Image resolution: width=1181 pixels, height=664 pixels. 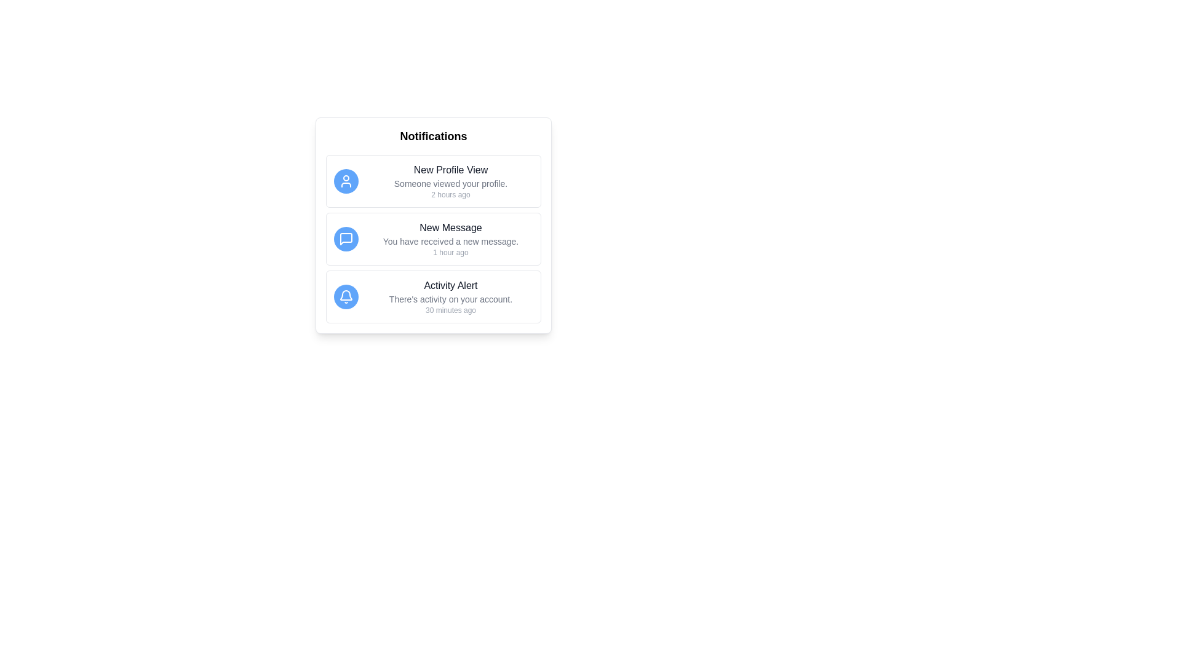 I want to click on text of the notification label that says 'Someone viewed your profile.' located below the title 'New Profile View' and above the timestamp '2 hours ago', so click(x=450, y=184).